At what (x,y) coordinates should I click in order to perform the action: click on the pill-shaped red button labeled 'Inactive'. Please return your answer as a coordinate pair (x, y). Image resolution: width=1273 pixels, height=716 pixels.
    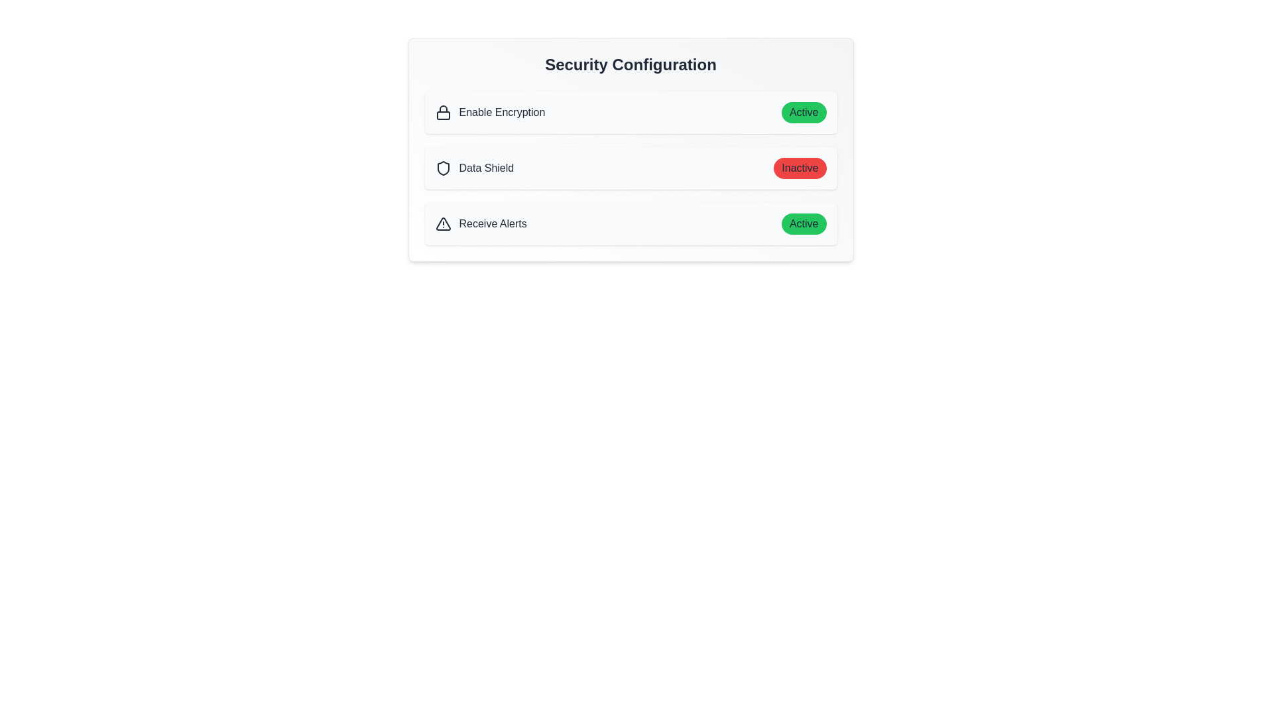
    Looking at the image, I should click on (799, 168).